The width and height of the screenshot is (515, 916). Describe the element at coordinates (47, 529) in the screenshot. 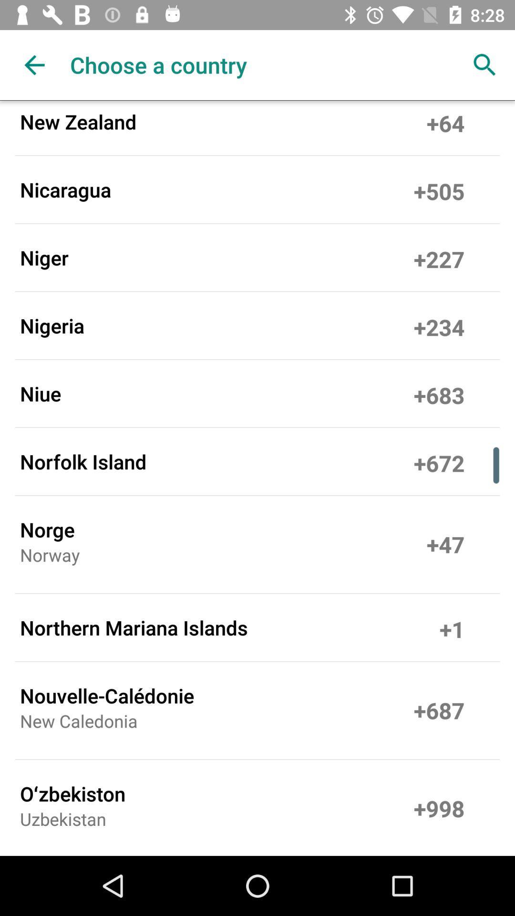

I see `the norge icon` at that location.